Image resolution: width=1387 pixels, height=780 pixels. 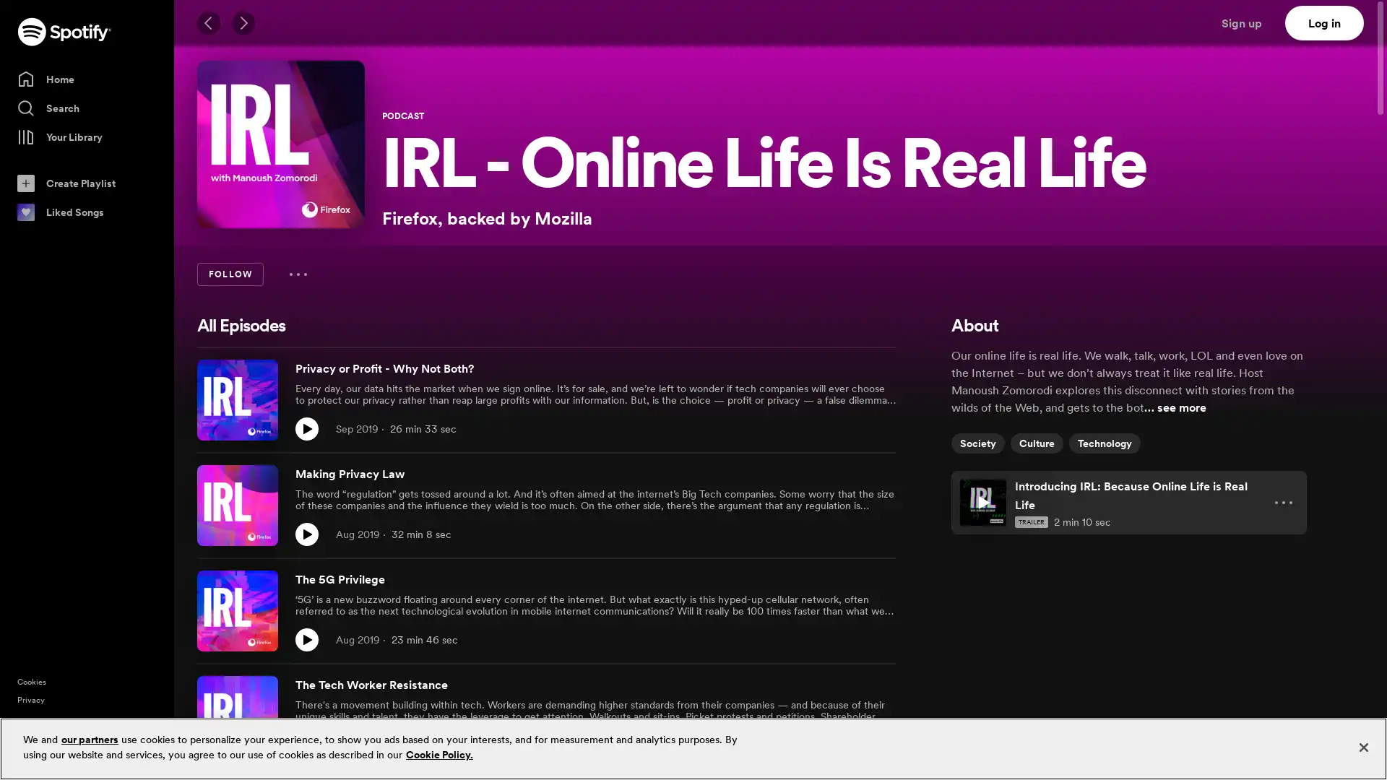 I want to click on Play The 5G Privilege by IRL - Online Life Is Real Life, so click(x=306, y=639).